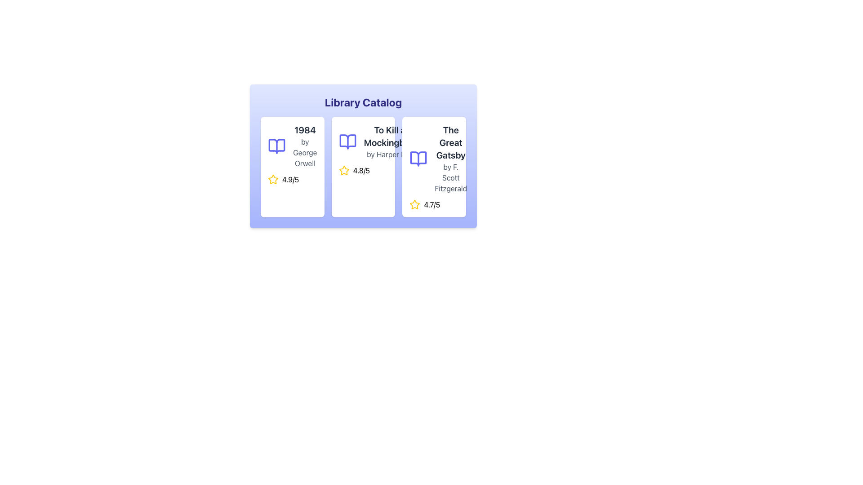 The width and height of the screenshot is (863, 485). I want to click on the star icon representing the rating for 'To Kill a Mockingbird by Harper Lee' in the Library Catalog section, so click(343, 170).